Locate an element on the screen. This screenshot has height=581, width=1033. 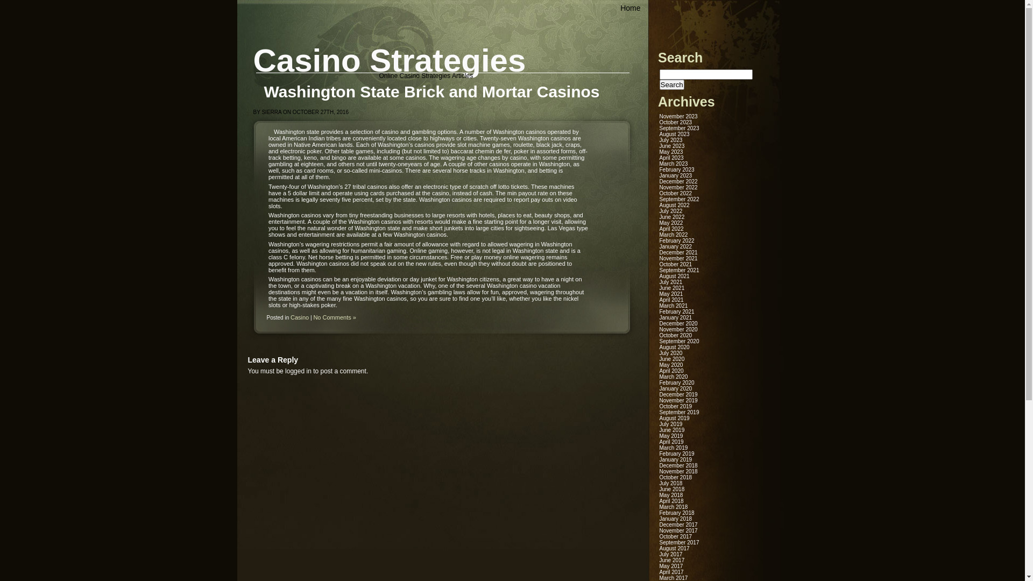
'December 2017' is located at coordinates (659, 524).